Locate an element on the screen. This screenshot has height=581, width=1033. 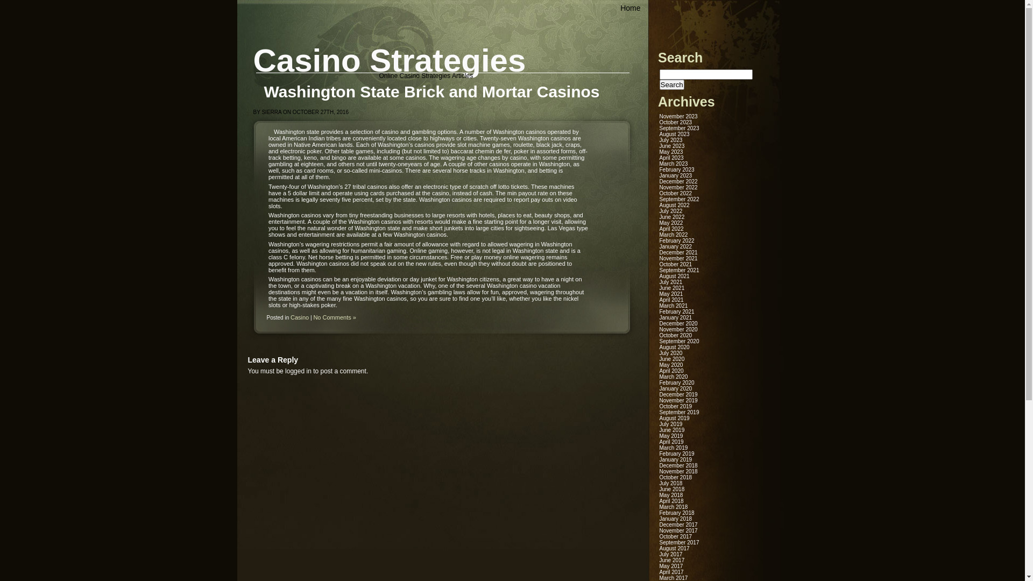
'December 2017' is located at coordinates (659, 524).